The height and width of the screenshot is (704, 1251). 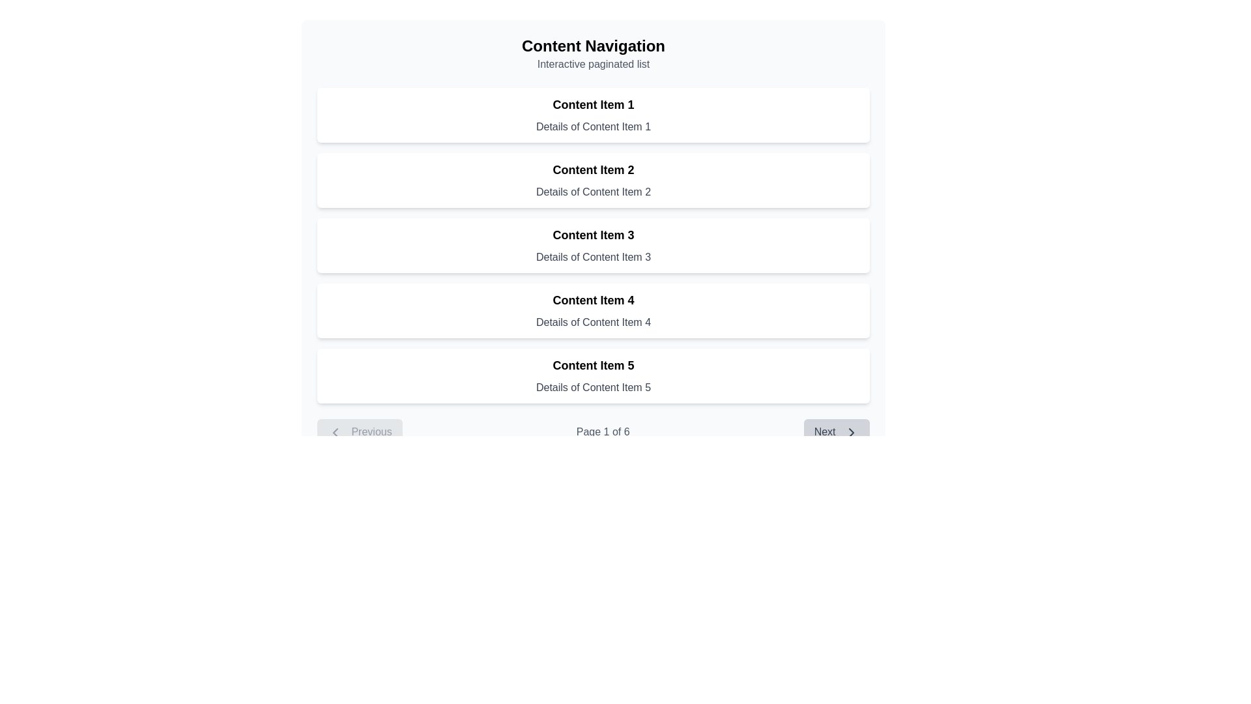 What do you see at coordinates (360, 432) in the screenshot?
I see `the 'Previous' button in the bottom left of the navigation bar` at bounding box center [360, 432].